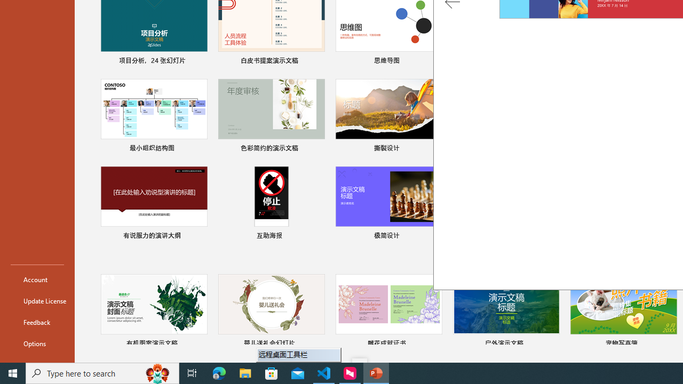 The image size is (683, 384). What do you see at coordinates (37, 301) in the screenshot?
I see `'Update License'` at bounding box center [37, 301].